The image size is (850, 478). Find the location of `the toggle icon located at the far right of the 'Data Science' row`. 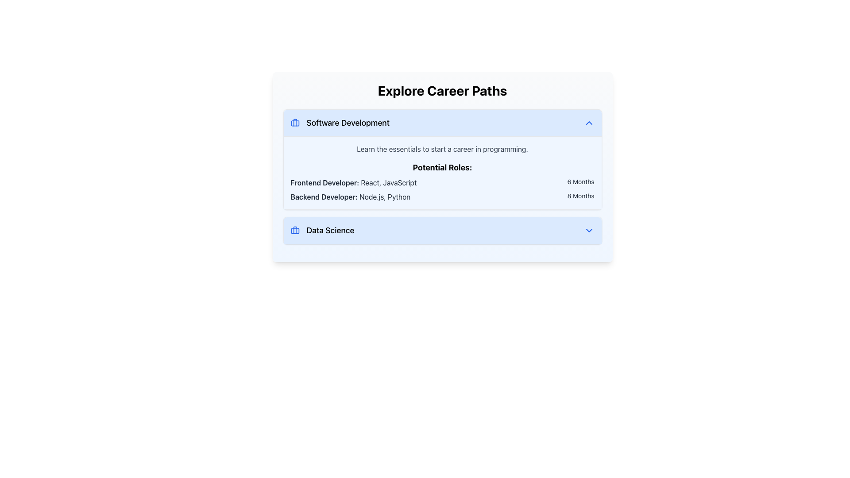

the toggle icon located at the far right of the 'Data Science' row is located at coordinates (589, 230).